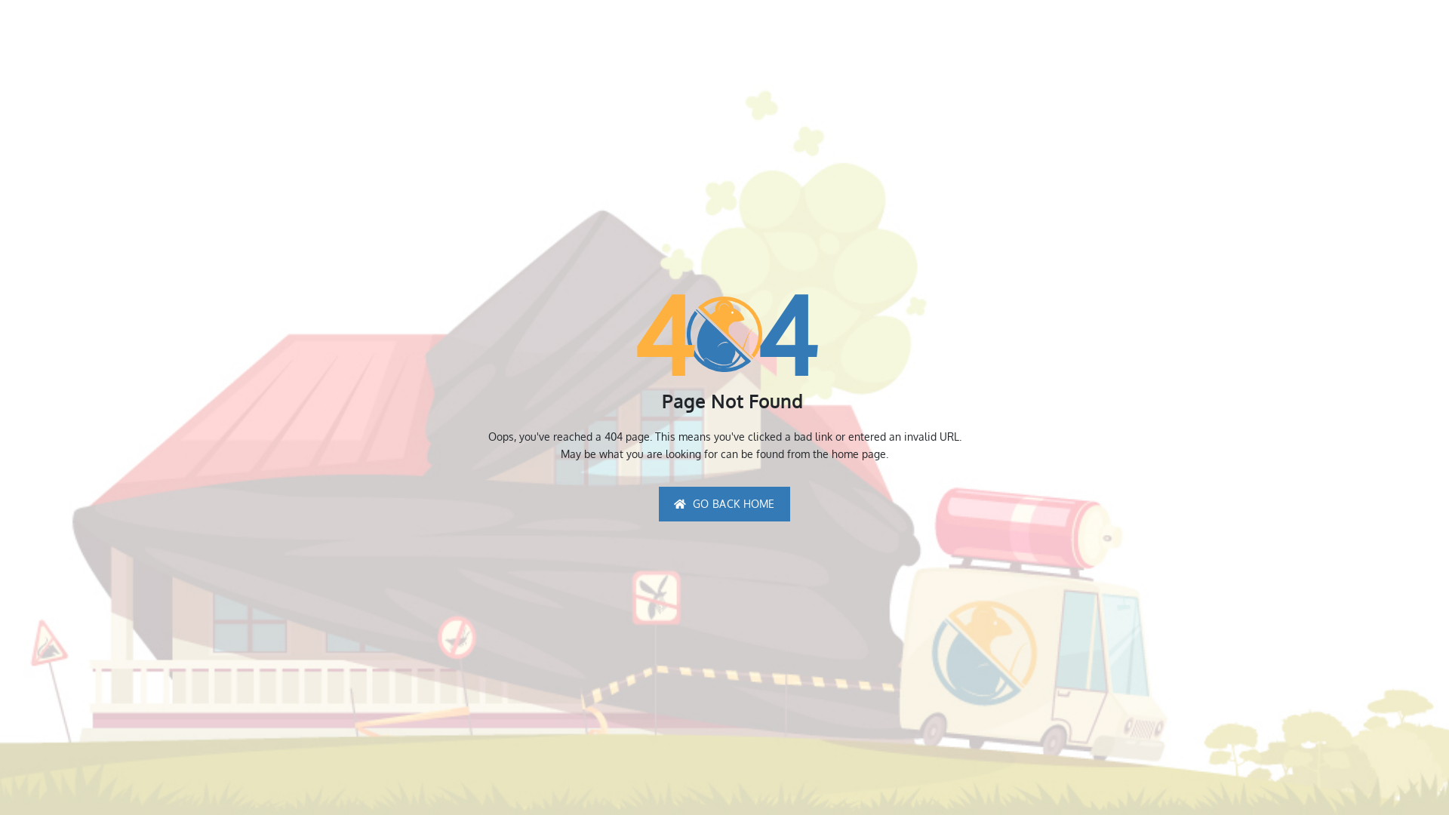 This screenshot has height=815, width=1449. What do you see at coordinates (724, 503) in the screenshot?
I see `'  GO BACK HOME'` at bounding box center [724, 503].